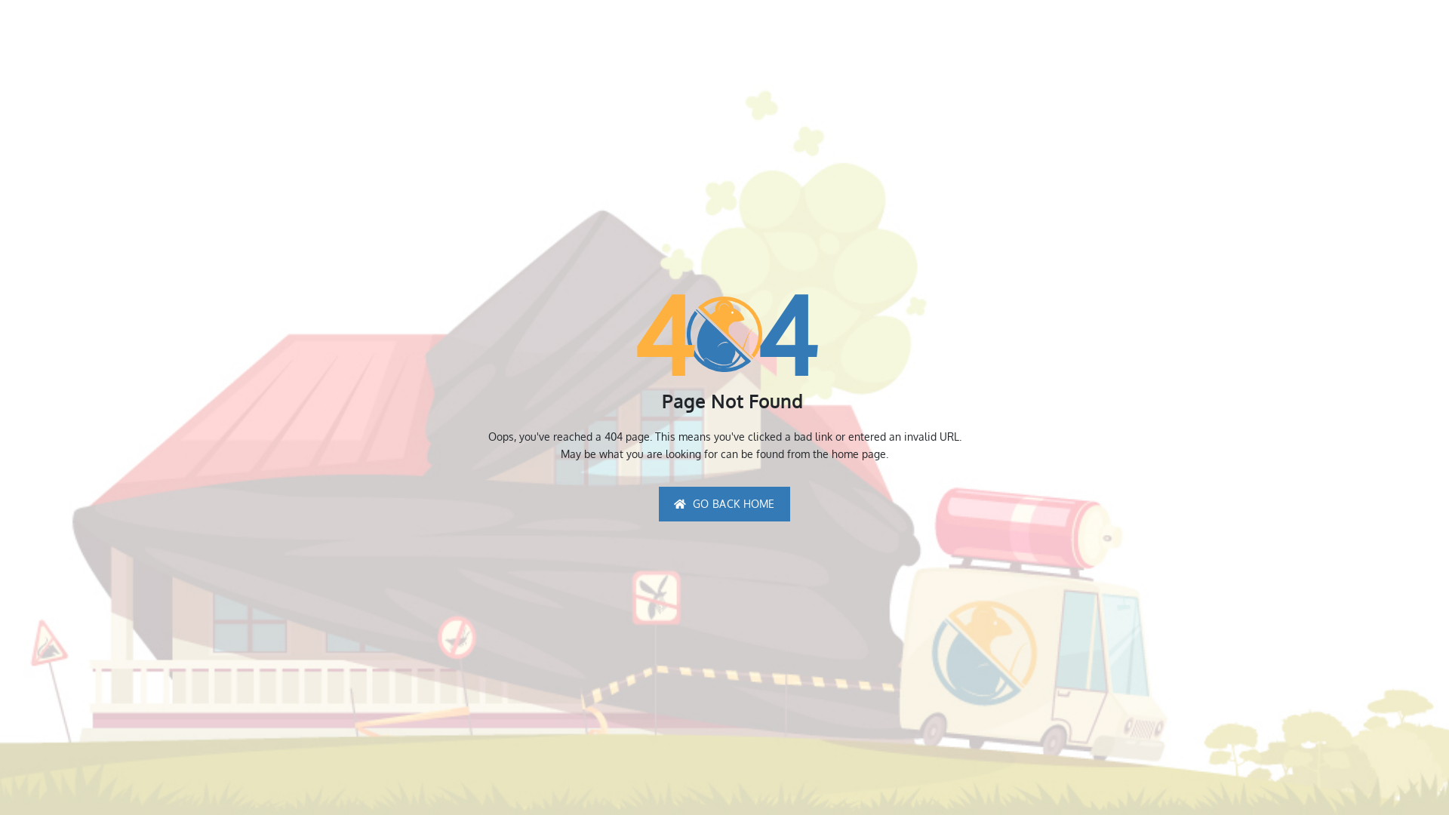 This screenshot has height=815, width=1449. What do you see at coordinates (724, 503) in the screenshot?
I see `'  GO BACK HOME'` at bounding box center [724, 503].